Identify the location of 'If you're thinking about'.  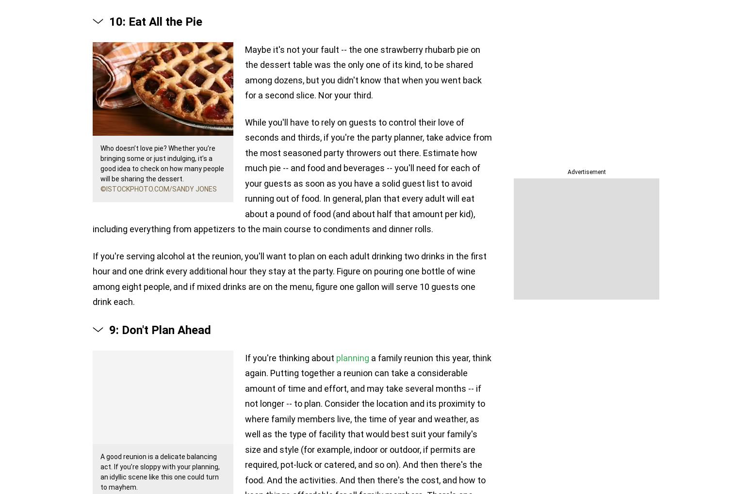
(291, 357).